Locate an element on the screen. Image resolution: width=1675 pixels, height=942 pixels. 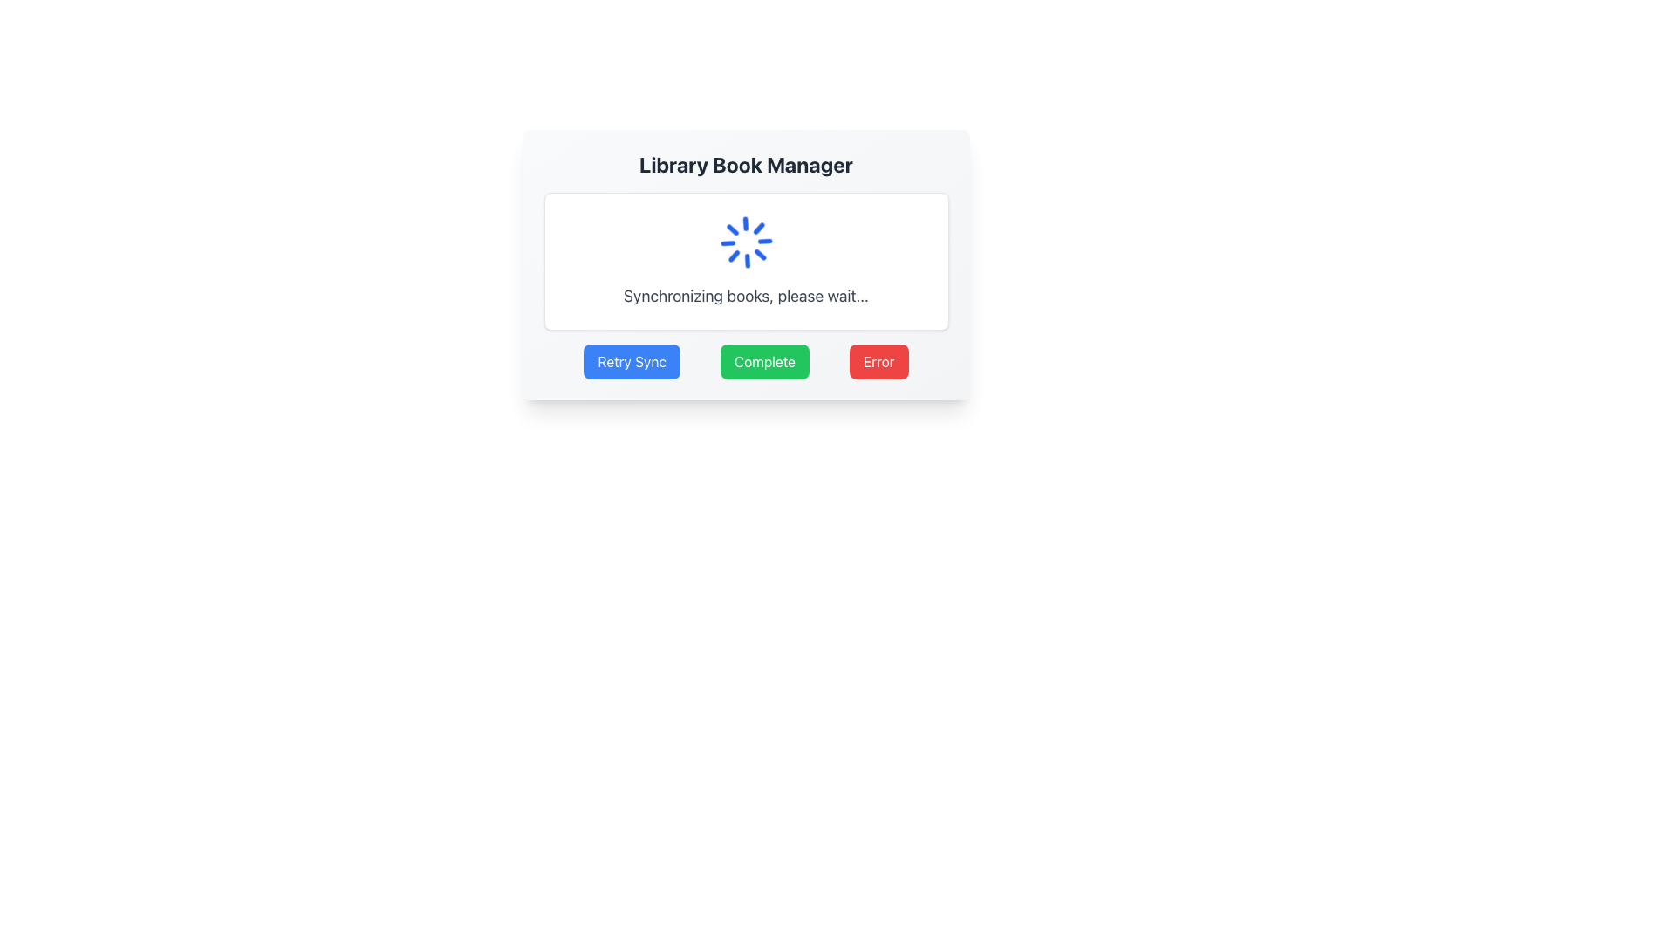
the green 'Complete' button with white text, which is the second button in a group of three is located at coordinates (764, 361).